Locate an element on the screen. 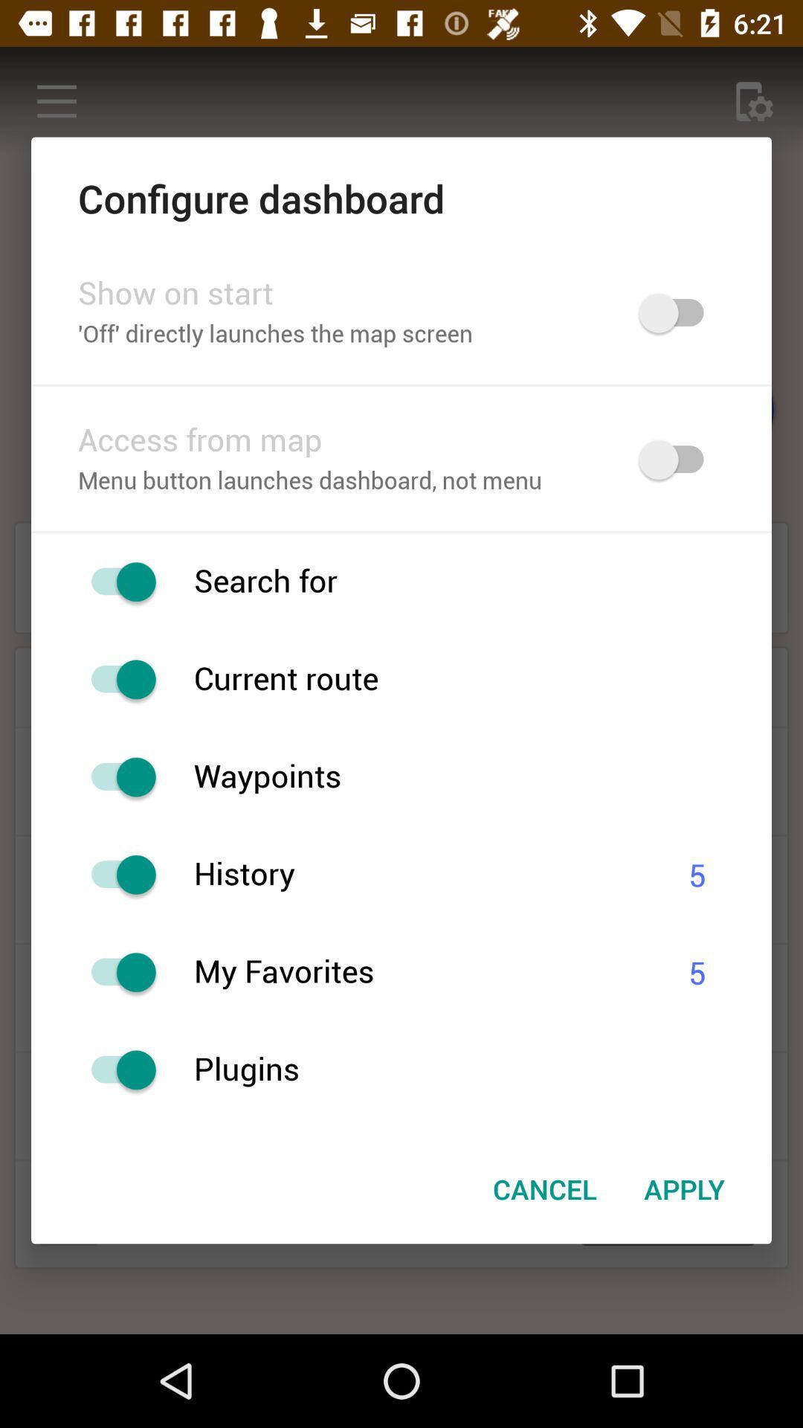 The image size is (803, 1428). the menu button launches item is located at coordinates (339, 482).